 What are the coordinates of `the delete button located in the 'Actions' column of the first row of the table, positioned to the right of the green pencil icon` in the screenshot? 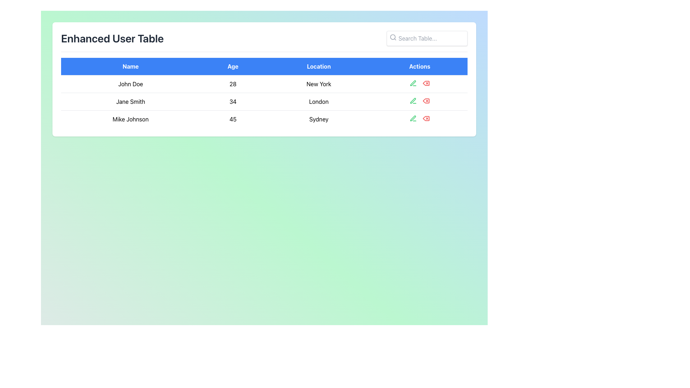 It's located at (426, 83).